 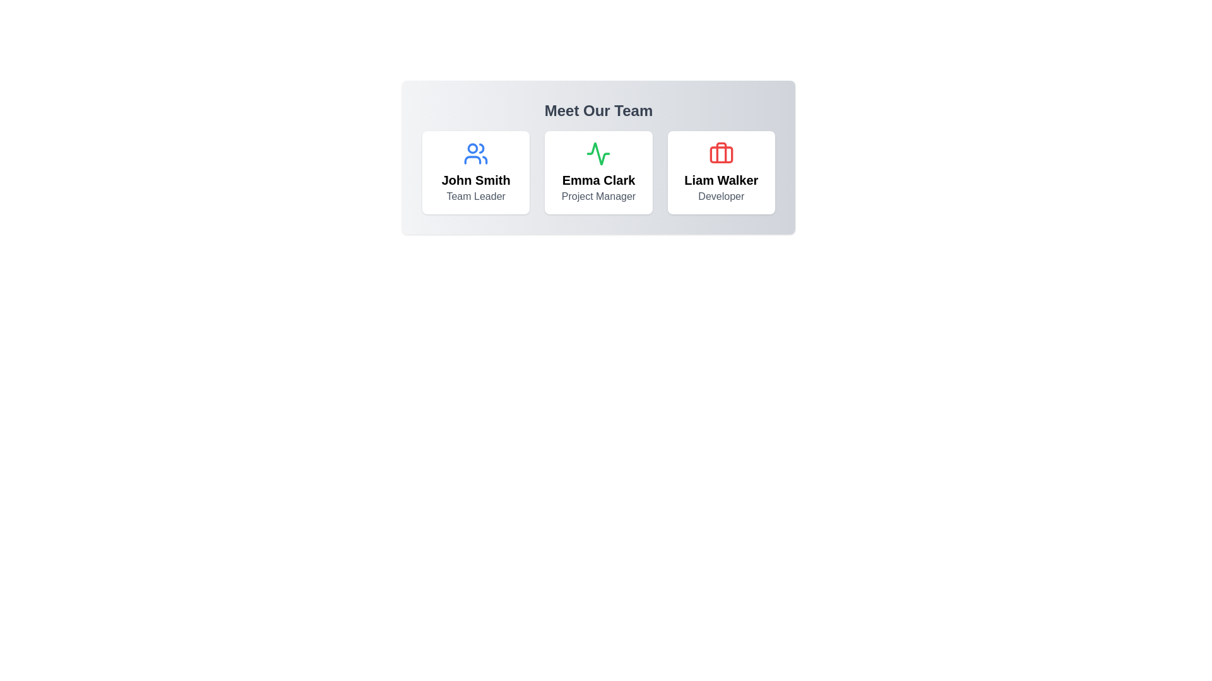 What do you see at coordinates (475, 153) in the screenshot?
I see `the blue icon representing a team or group, which is located at the top-center of the first card under the heading 'Meet Our Team'` at bounding box center [475, 153].